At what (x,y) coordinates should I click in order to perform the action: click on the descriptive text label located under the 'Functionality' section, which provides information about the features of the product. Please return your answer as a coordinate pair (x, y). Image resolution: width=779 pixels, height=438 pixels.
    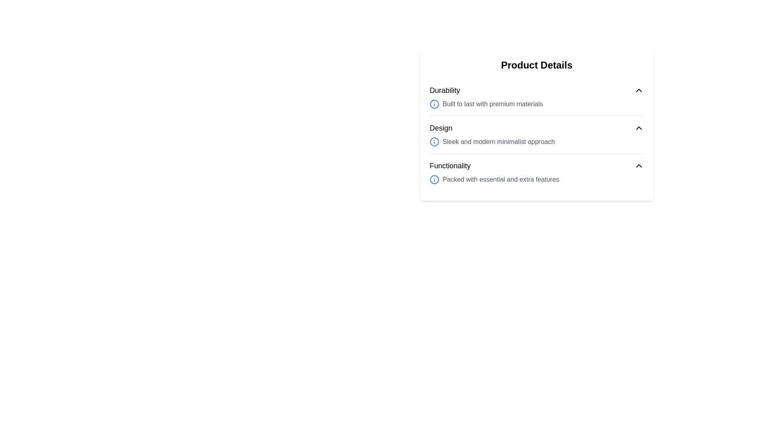
    Looking at the image, I should click on (537, 179).